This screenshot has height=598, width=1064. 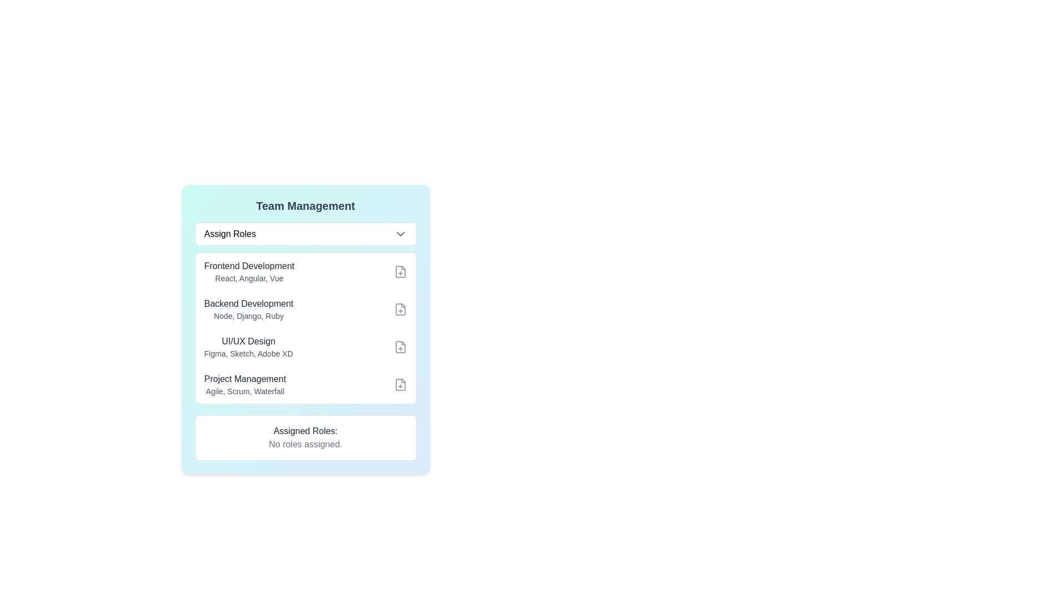 What do you see at coordinates (305, 347) in the screenshot?
I see `the third item` at bounding box center [305, 347].